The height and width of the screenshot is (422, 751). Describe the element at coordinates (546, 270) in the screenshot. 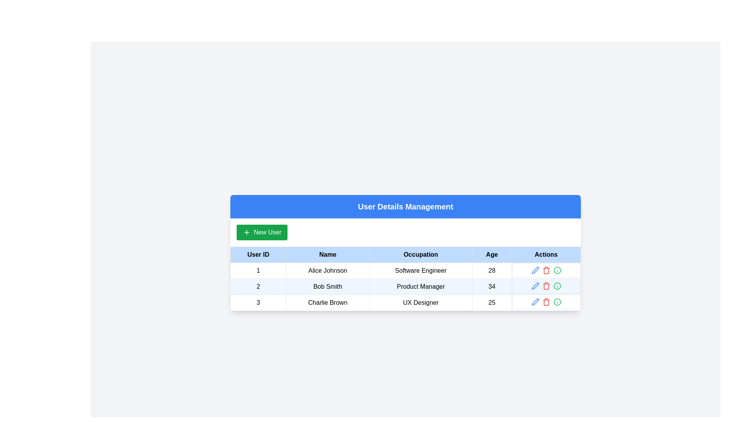

I see `the delete icon, which is the second interactive icon in the 'Actions' column of the first row of the table, positioned between the blue pen edit icon and the green info circle icon` at that location.